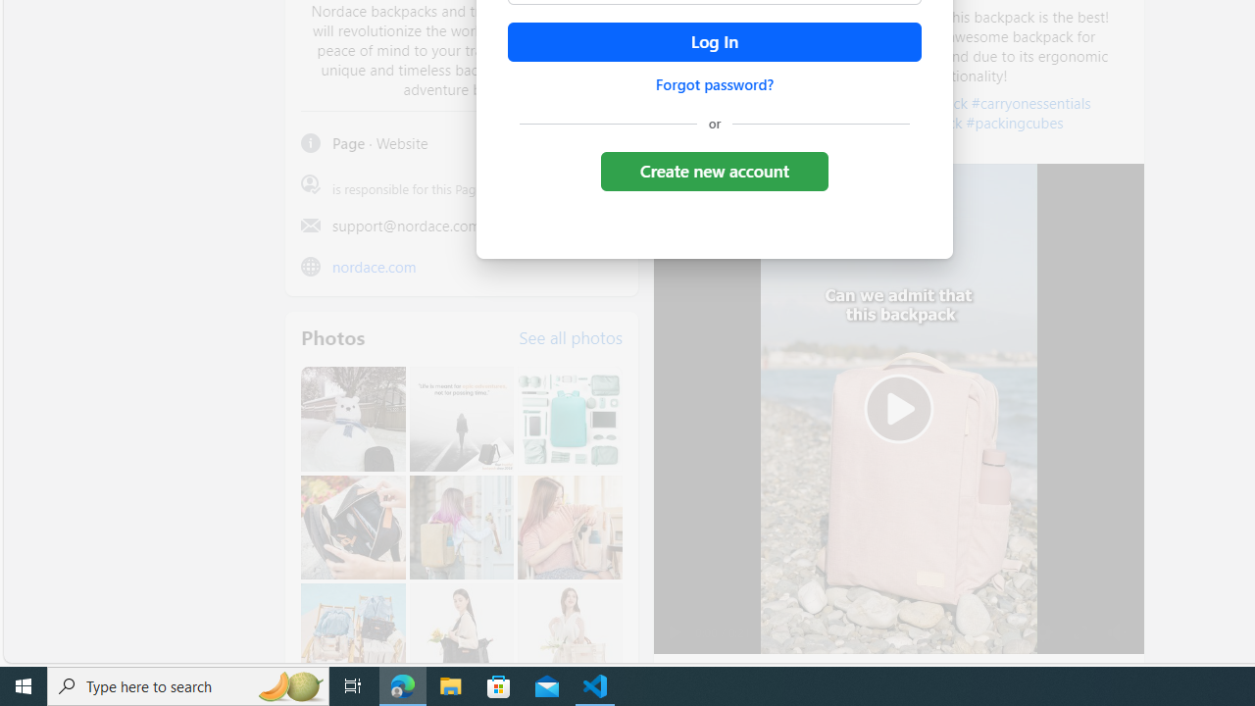  What do you see at coordinates (713, 42) in the screenshot?
I see `'Accessible login button'` at bounding box center [713, 42].